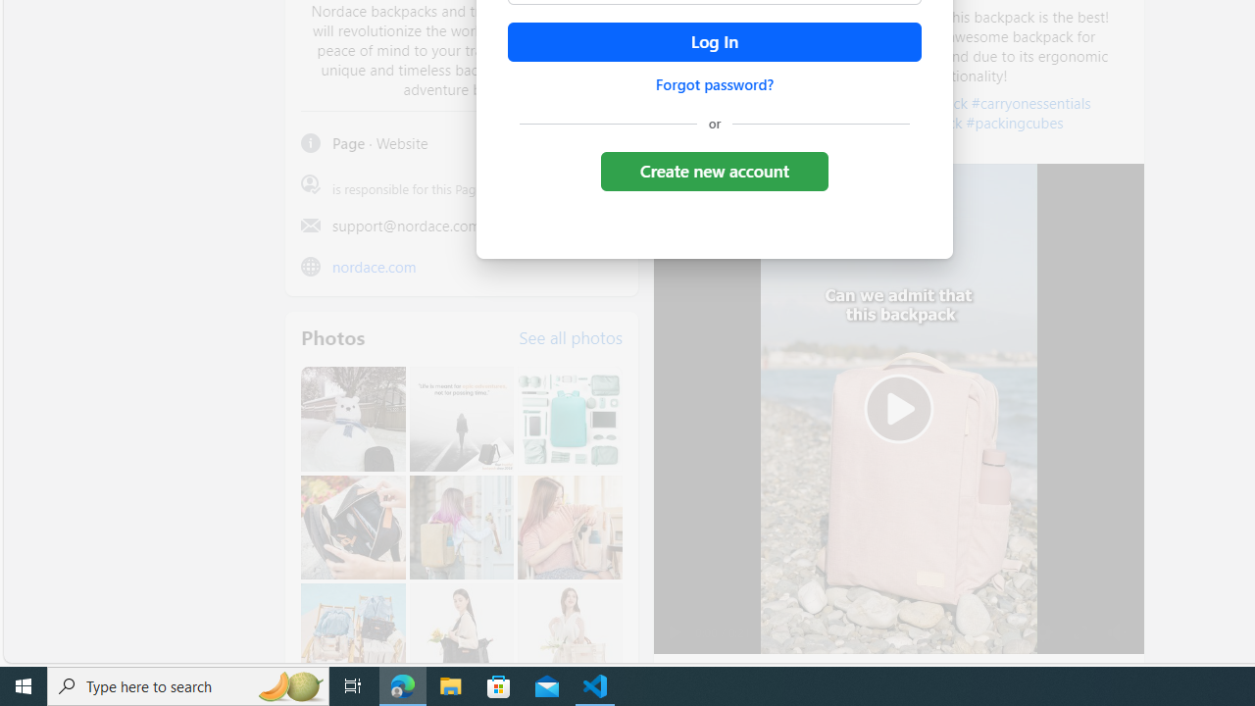  What do you see at coordinates (713, 42) in the screenshot?
I see `'Accessible login button'` at bounding box center [713, 42].